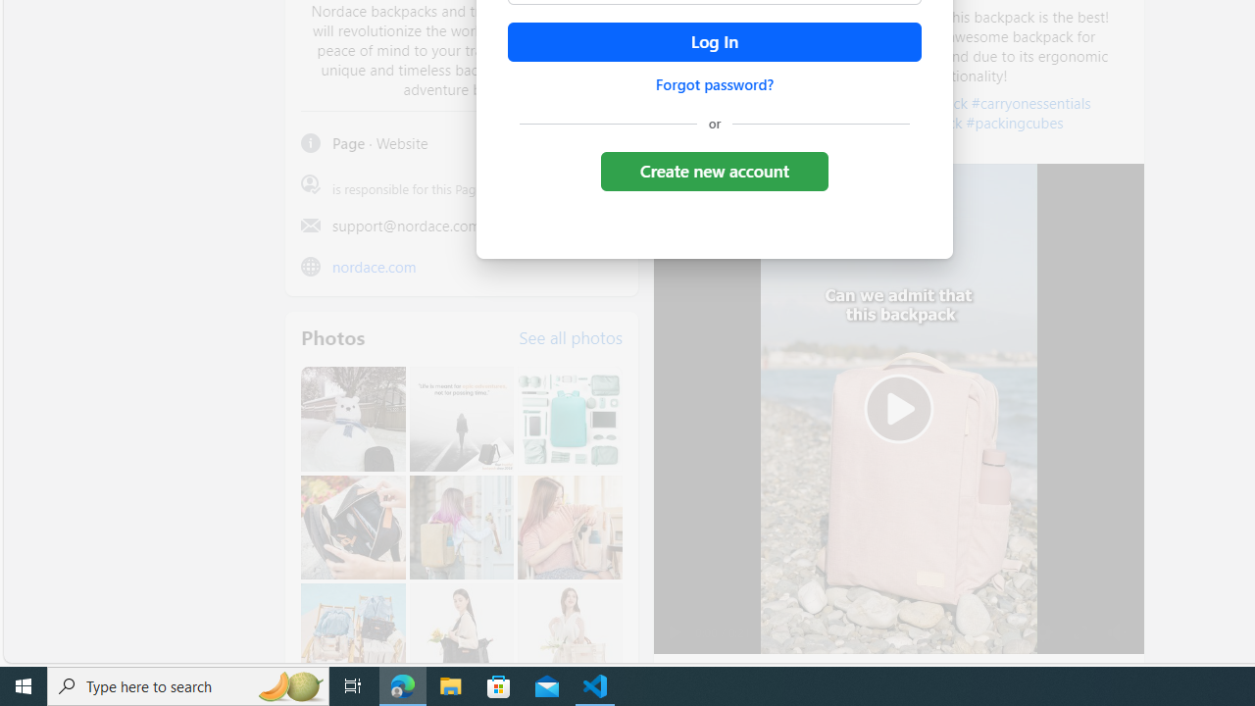  What do you see at coordinates (713, 42) in the screenshot?
I see `'Accessible login button'` at bounding box center [713, 42].